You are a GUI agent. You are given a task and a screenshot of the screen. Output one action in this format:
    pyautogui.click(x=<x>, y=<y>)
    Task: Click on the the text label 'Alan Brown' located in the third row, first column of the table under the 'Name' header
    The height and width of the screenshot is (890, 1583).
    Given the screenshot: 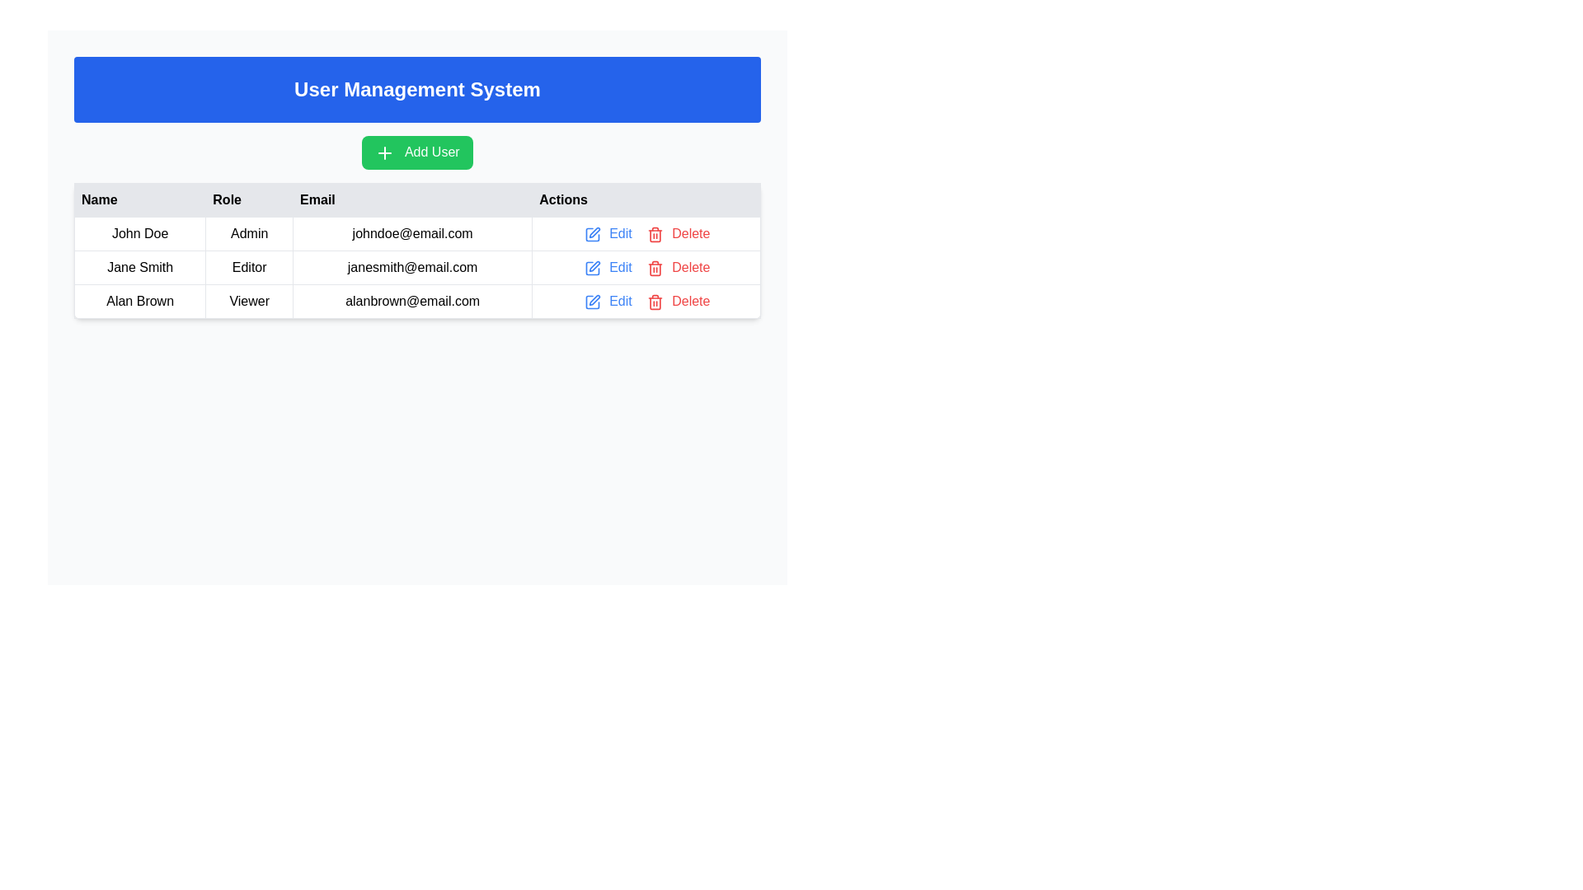 What is the action you would take?
    pyautogui.click(x=140, y=301)
    